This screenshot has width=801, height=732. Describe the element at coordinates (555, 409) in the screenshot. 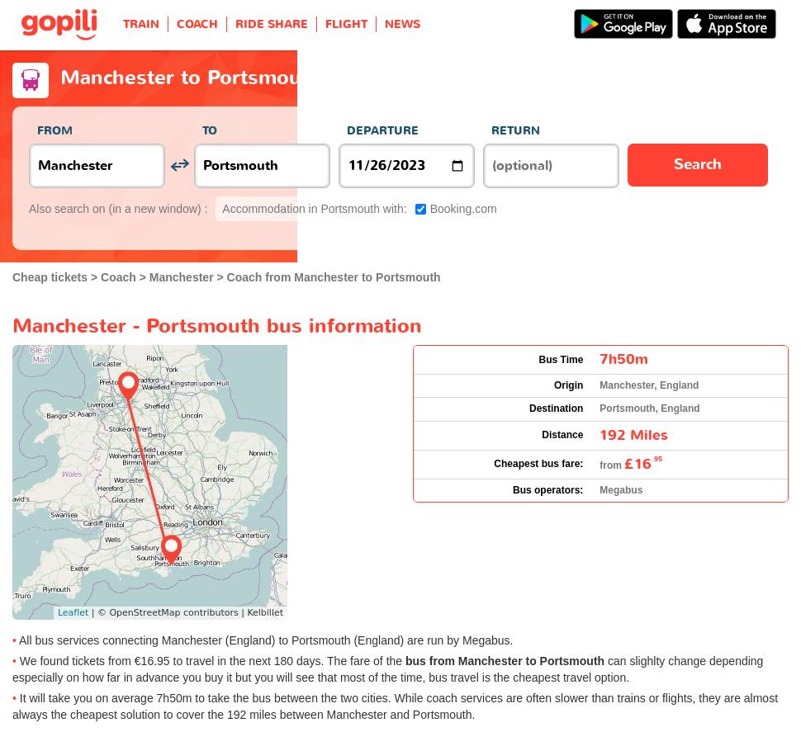

I see `'Destination'` at that location.